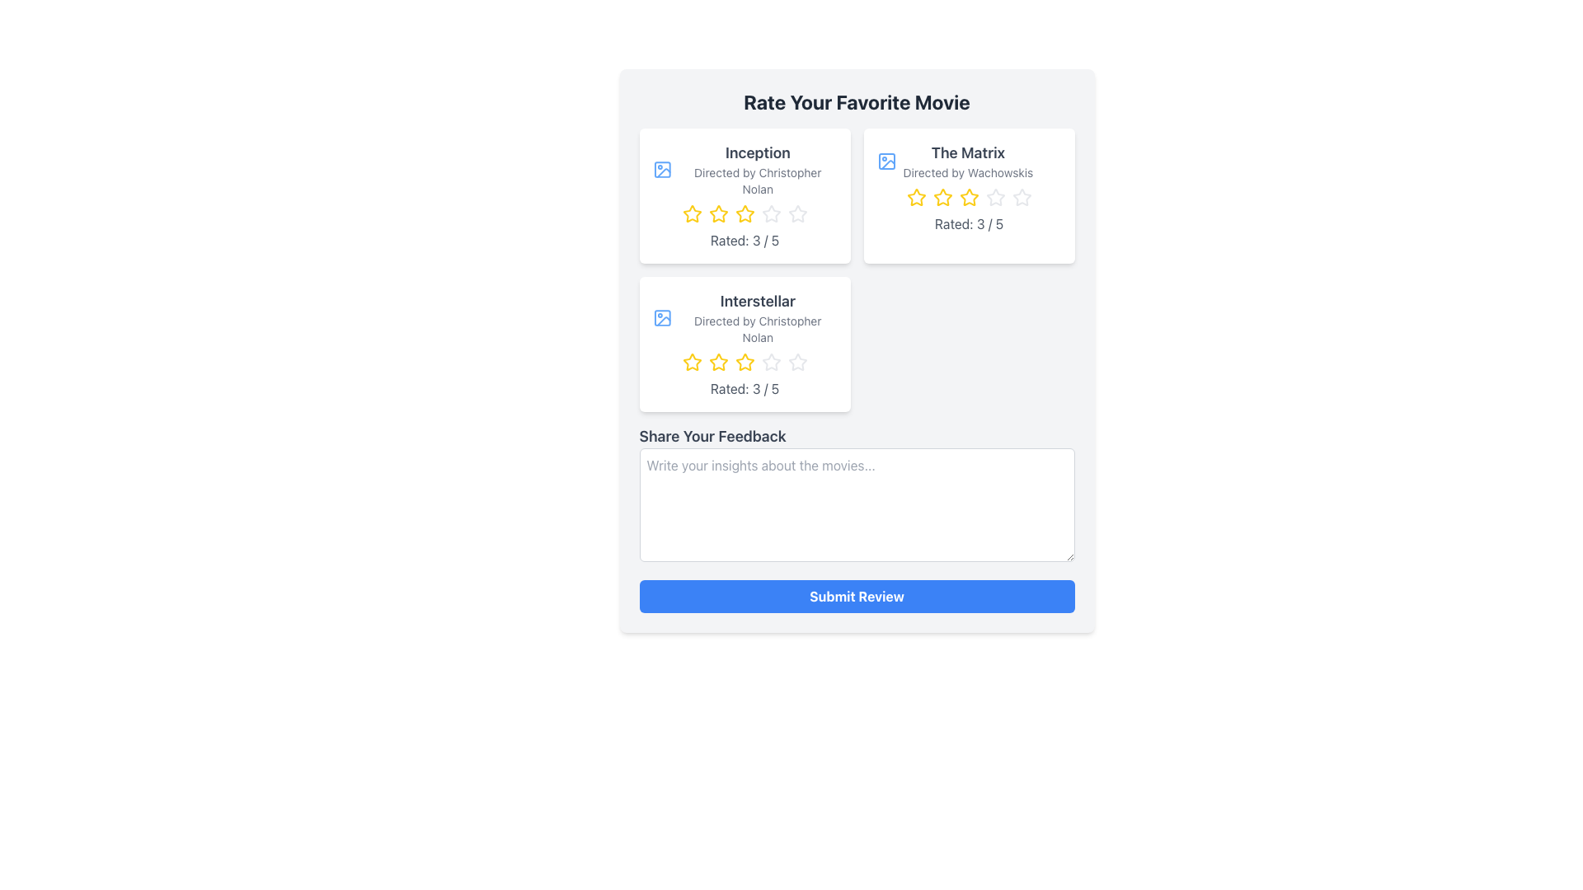 The width and height of the screenshot is (1583, 890). I want to click on the text label that reads 'Inception', which is styled in a bold font and is prominent in the top-left corner of a card layout containing movie details, so click(757, 152).